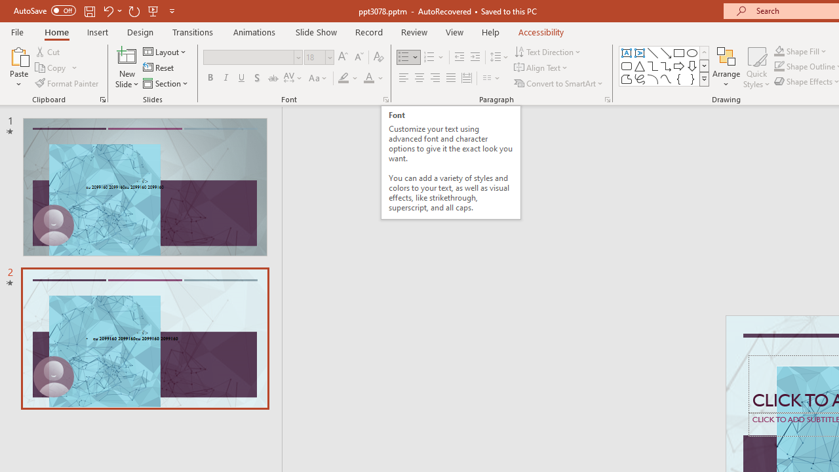 The image size is (839, 472). Describe the element at coordinates (88, 10) in the screenshot. I see `'Save'` at that location.